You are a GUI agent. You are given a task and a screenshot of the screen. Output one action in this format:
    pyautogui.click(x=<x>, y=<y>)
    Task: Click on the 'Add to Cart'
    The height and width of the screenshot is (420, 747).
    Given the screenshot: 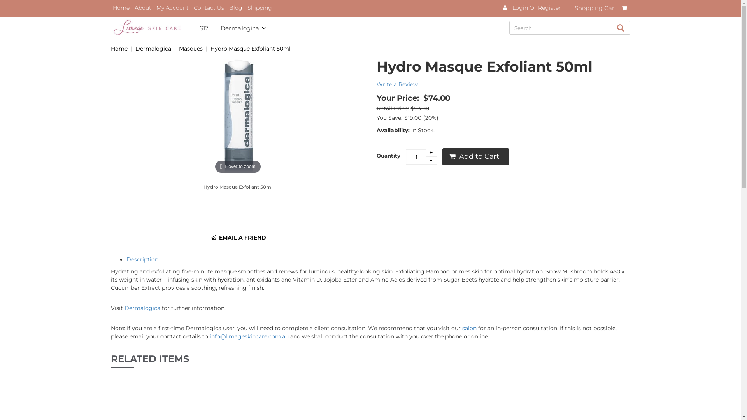 What is the action you would take?
    pyautogui.click(x=475, y=156)
    